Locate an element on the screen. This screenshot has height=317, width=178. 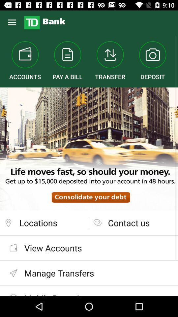
the item above manage transfers item is located at coordinates (89, 247).